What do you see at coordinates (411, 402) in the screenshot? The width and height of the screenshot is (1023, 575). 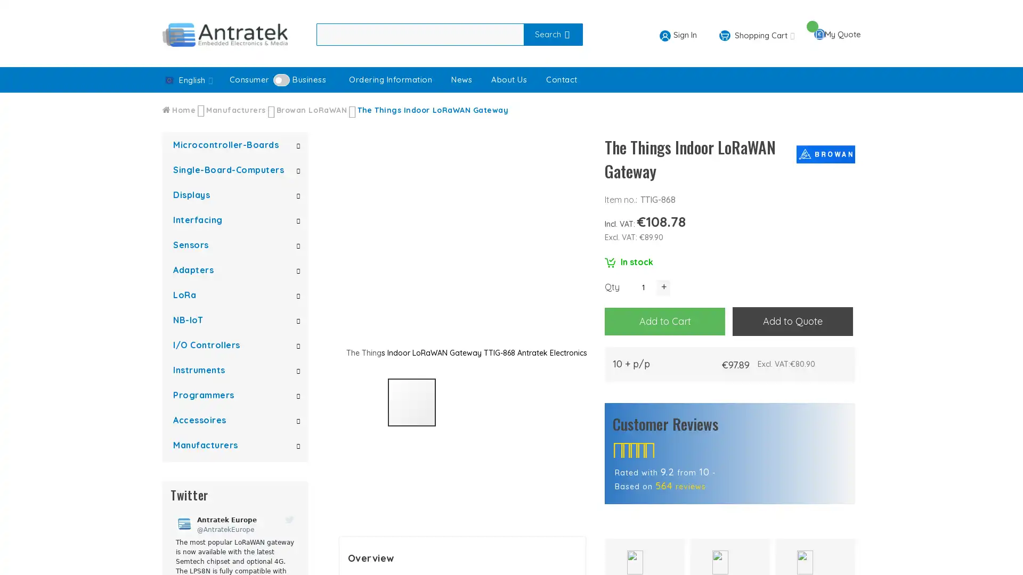 I see `The Things Indoor LoRaWAN Gateway TTIG-868 Antratek Electronics` at bounding box center [411, 402].